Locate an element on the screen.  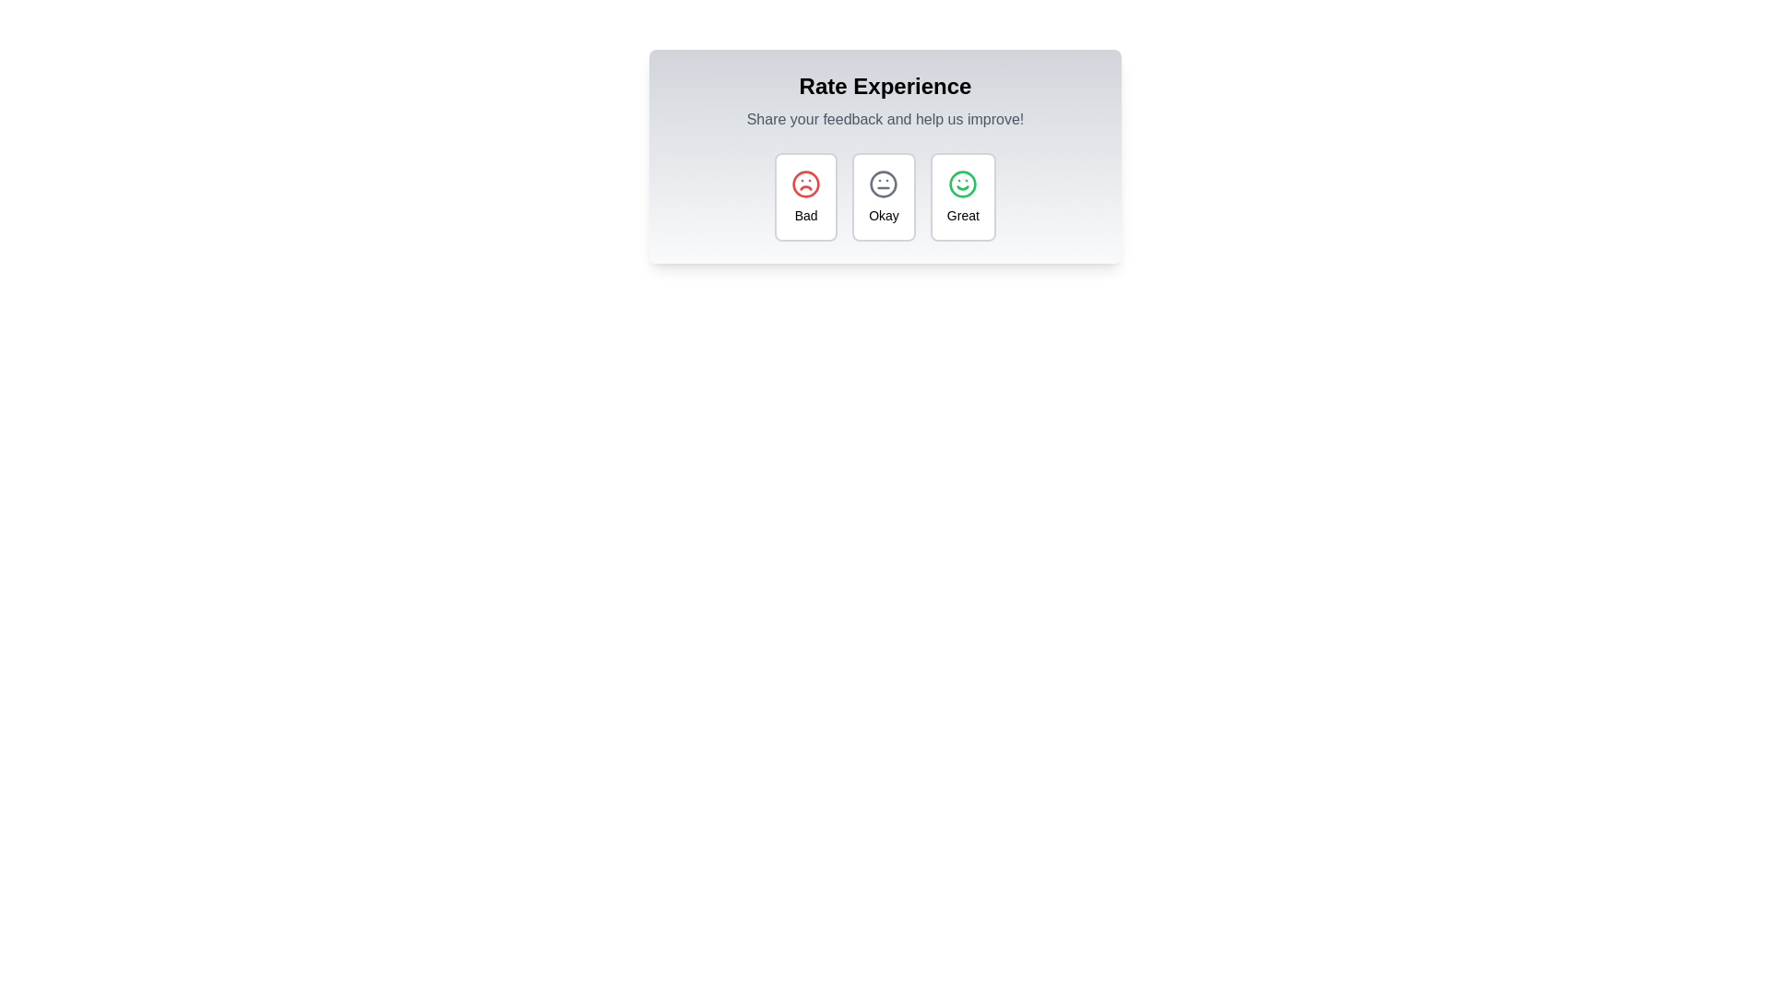
the circular red frowning face icon located within the 'Bad' feedback option, which is the leftmost option among the three feedback choices ('Bad', 'Okay', 'Great') displayed below the heading 'Rate Experience' is located at coordinates (806, 184).